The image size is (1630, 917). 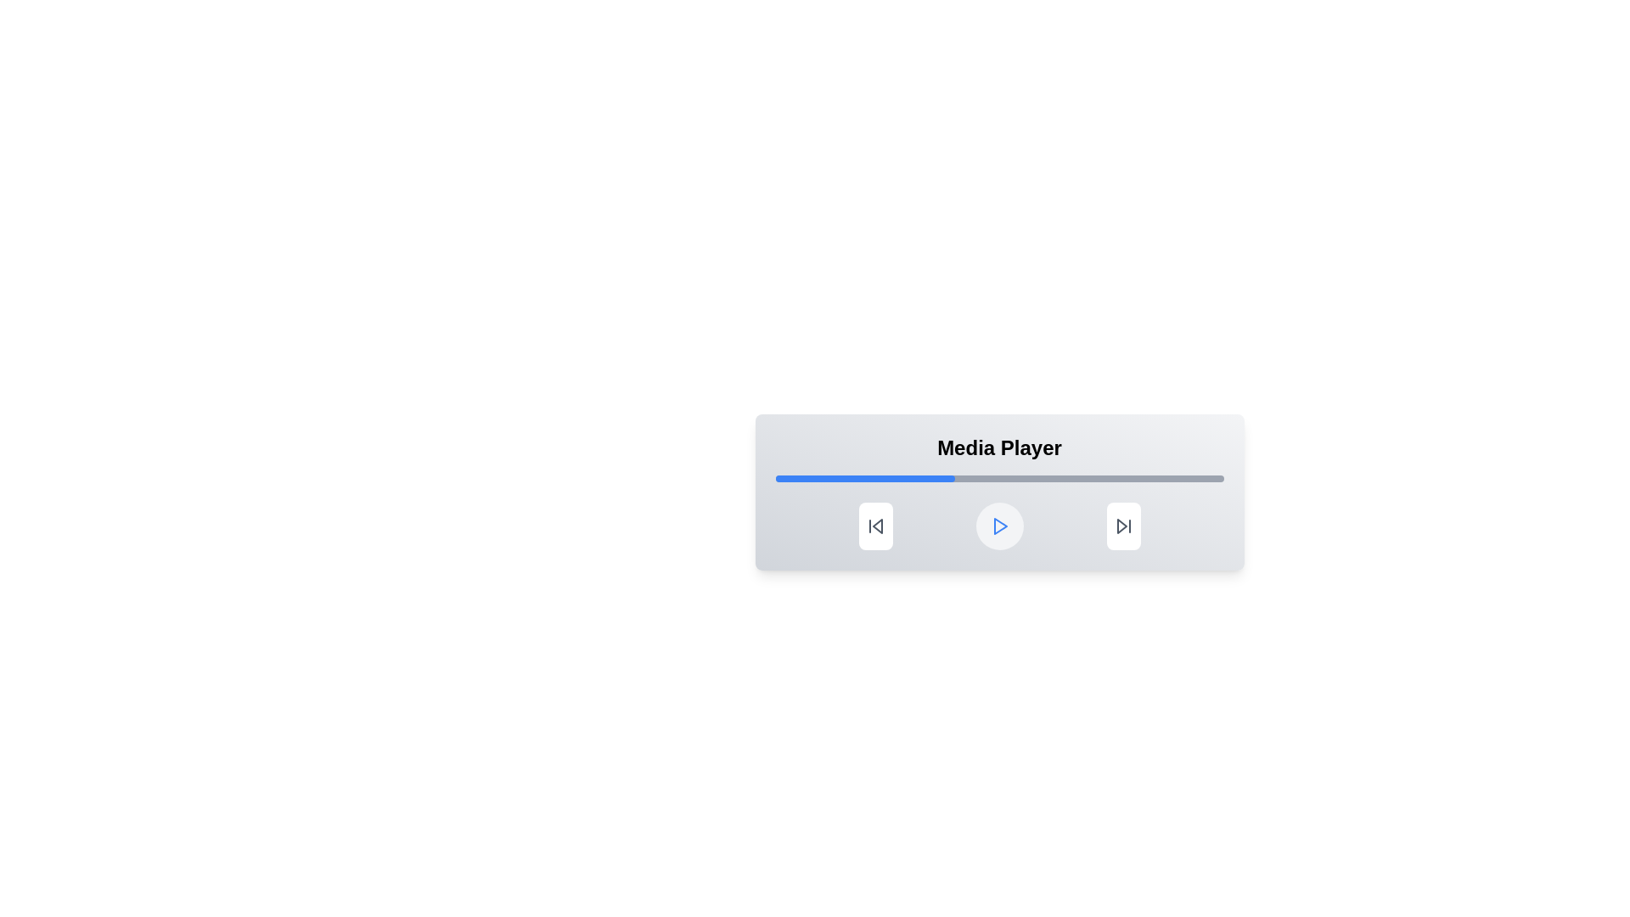 What do you see at coordinates (875, 526) in the screenshot?
I see `the 'skip backward' button, which is the first button on the left in a group of three buttons` at bounding box center [875, 526].